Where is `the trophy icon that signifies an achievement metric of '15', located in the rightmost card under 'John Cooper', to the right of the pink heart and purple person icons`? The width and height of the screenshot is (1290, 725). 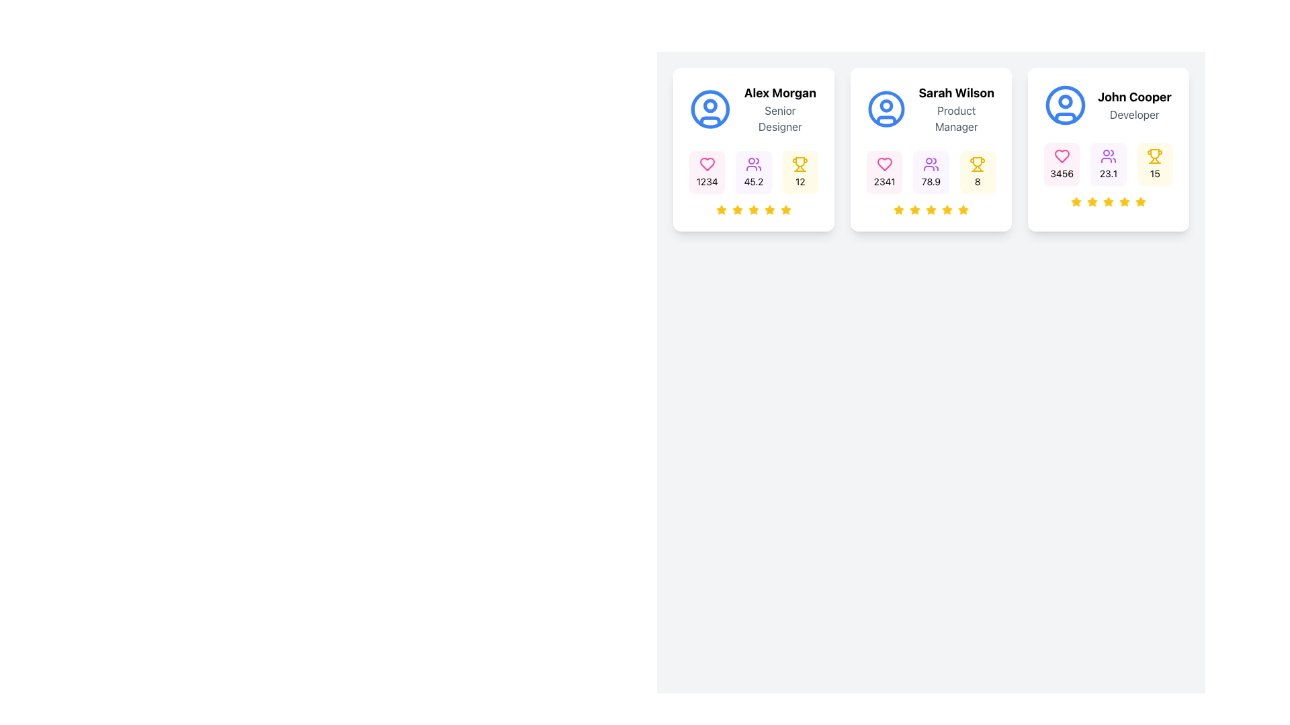
the trophy icon that signifies an achievement metric of '15', located in the rightmost card under 'John Cooper', to the right of the pink heart and purple person icons is located at coordinates (1154, 153).